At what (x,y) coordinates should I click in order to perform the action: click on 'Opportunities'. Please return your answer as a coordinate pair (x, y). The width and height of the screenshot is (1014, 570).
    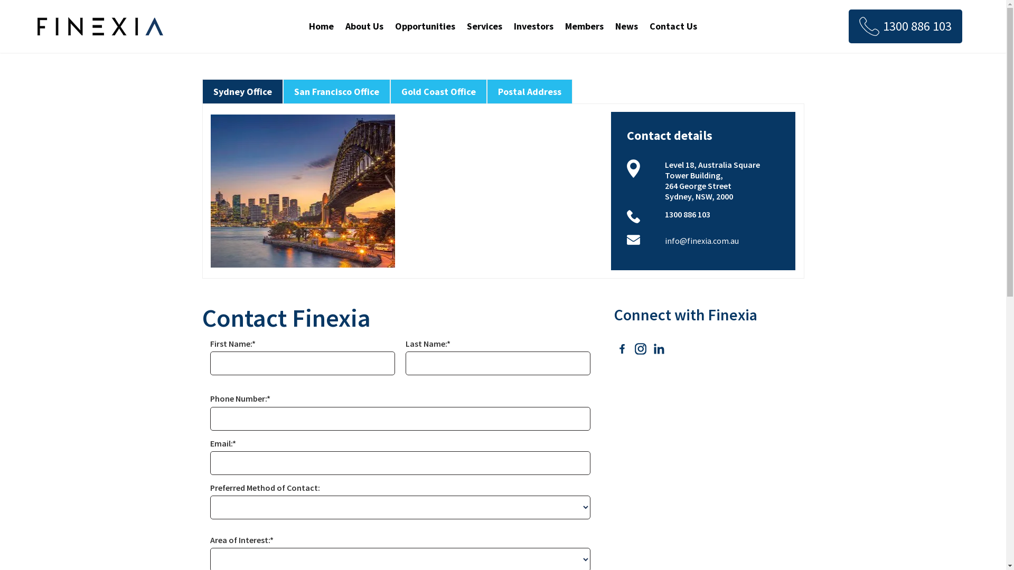
    Looking at the image, I should click on (425, 26).